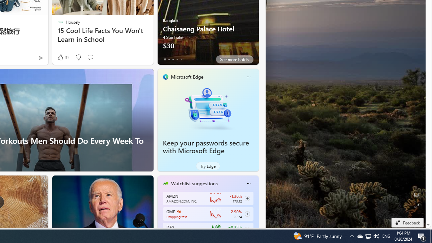  I want to click on 'Edit Background', so click(416, 195).